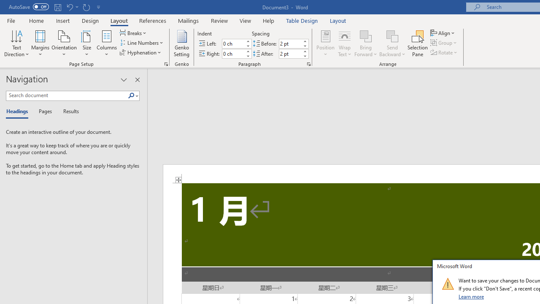  I want to click on 'Page Setup...', so click(166, 63).